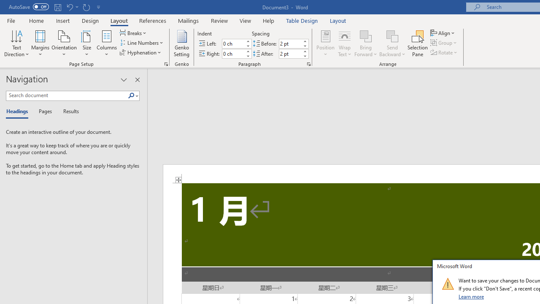  I want to click on 'Page Setup...', so click(166, 63).